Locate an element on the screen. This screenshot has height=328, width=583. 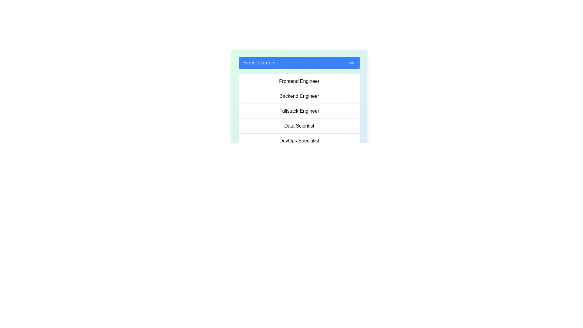
the 'Data Scientist' option in the dropdown list is located at coordinates (299, 126).